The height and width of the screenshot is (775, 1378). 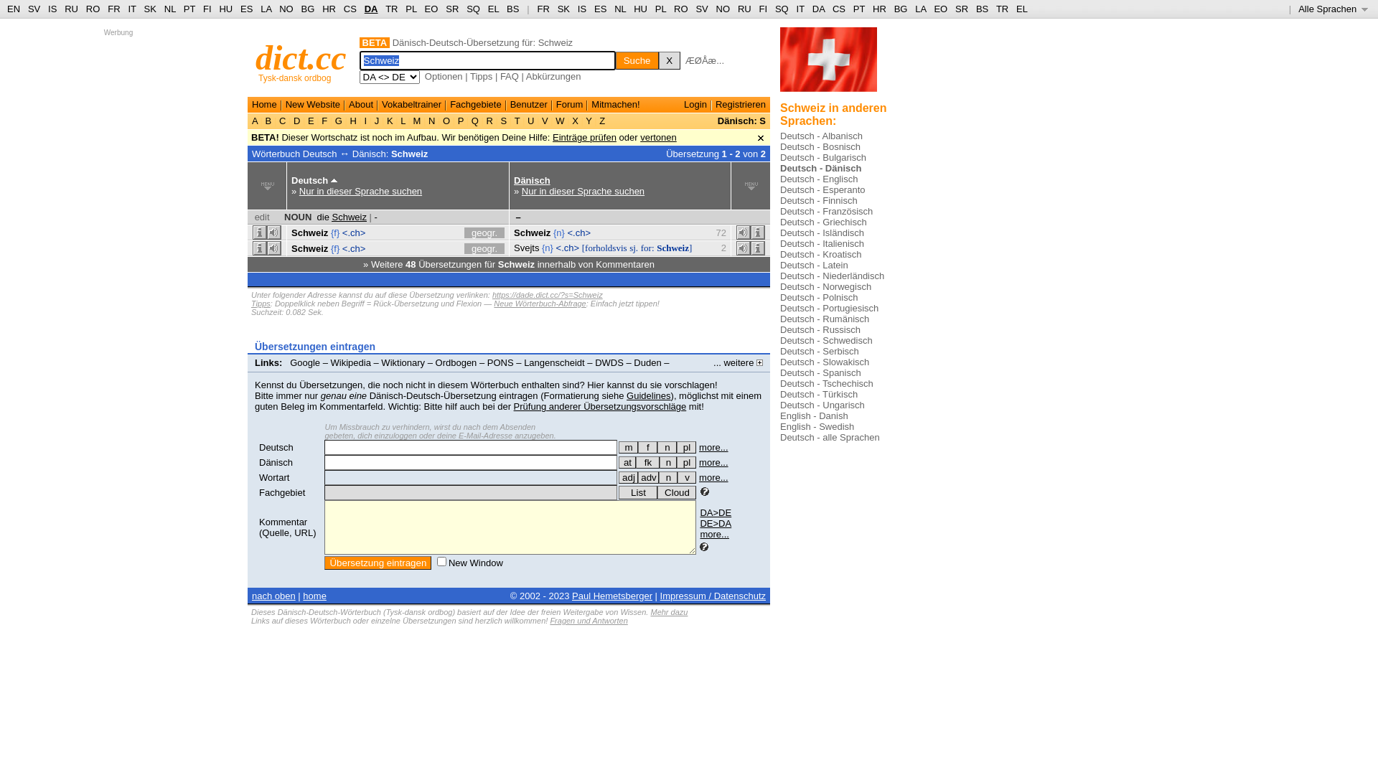 What do you see at coordinates (329, 362) in the screenshot?
I see `'Wikipedia'` at bounding box center [329, 362].